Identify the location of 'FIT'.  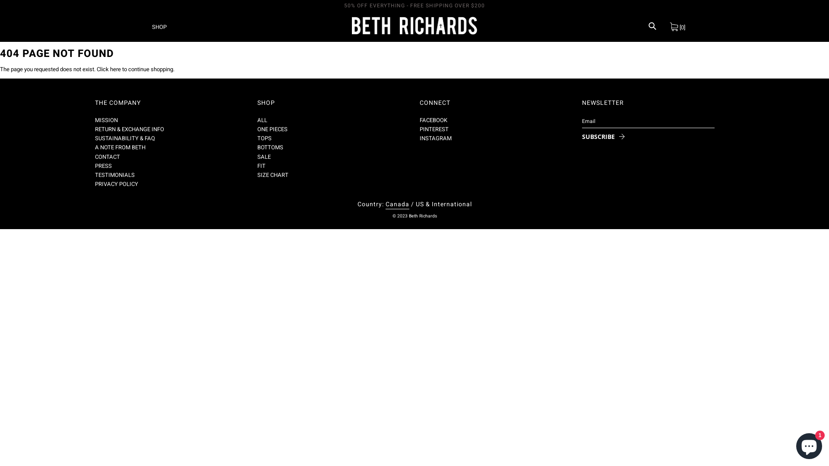
(256, 166).